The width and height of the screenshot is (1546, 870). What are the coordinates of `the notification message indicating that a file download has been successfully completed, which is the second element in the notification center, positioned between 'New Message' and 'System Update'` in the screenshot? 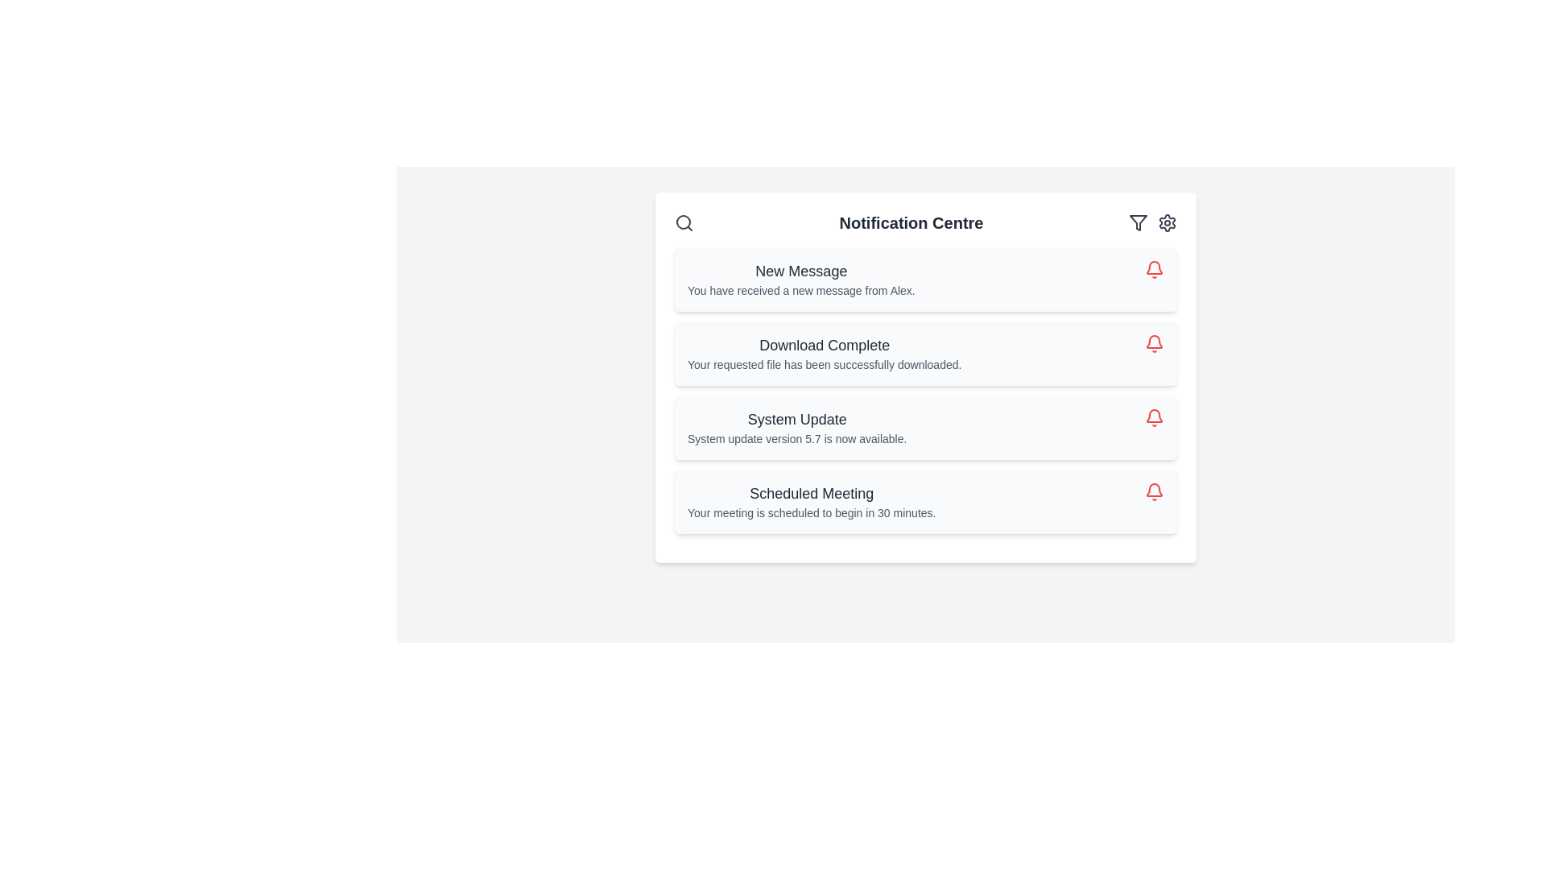 It's located at (825, 353).